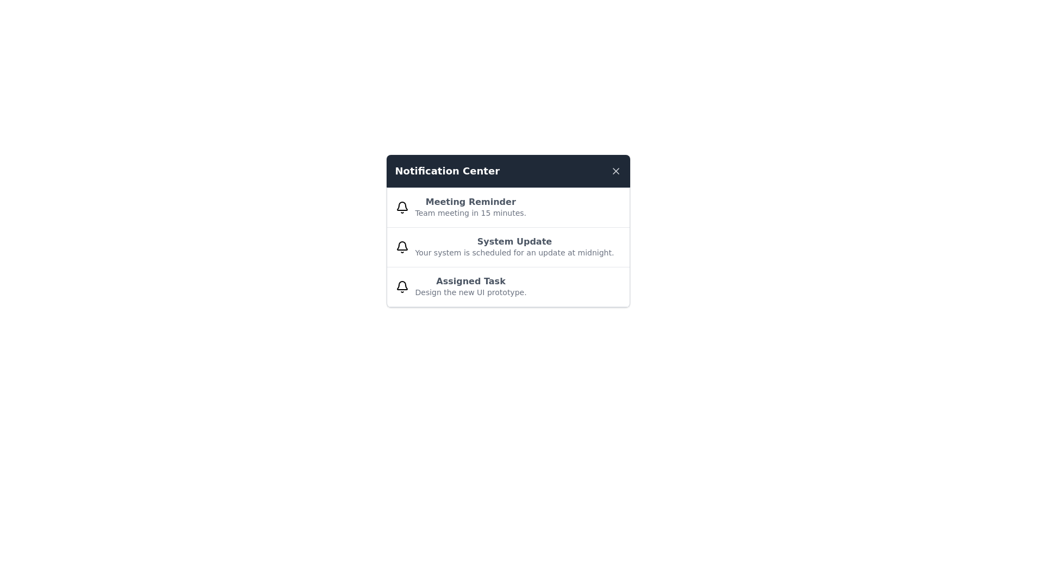  I want to click on the text block notification that contains 'System Update' and 'Your system is scheduled for an update at midnight', which is the second item in the notification panel, so click(514, 247).